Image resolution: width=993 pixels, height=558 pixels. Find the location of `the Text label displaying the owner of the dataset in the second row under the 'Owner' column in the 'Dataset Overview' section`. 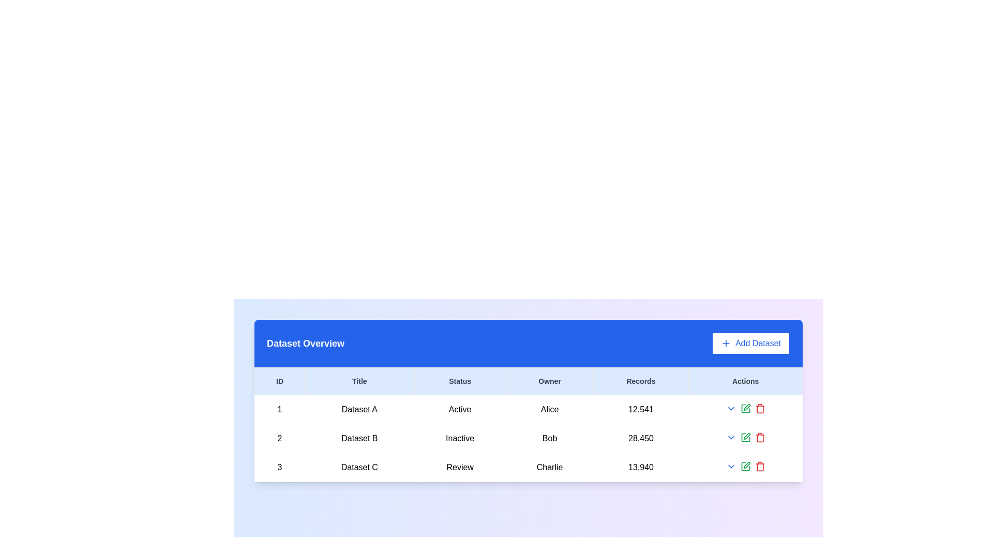

the Text label displaying the owner of the dataset in the second row under the 'Owner' column in the 'Dataset Overview' section is located at coordinates (549, 438).